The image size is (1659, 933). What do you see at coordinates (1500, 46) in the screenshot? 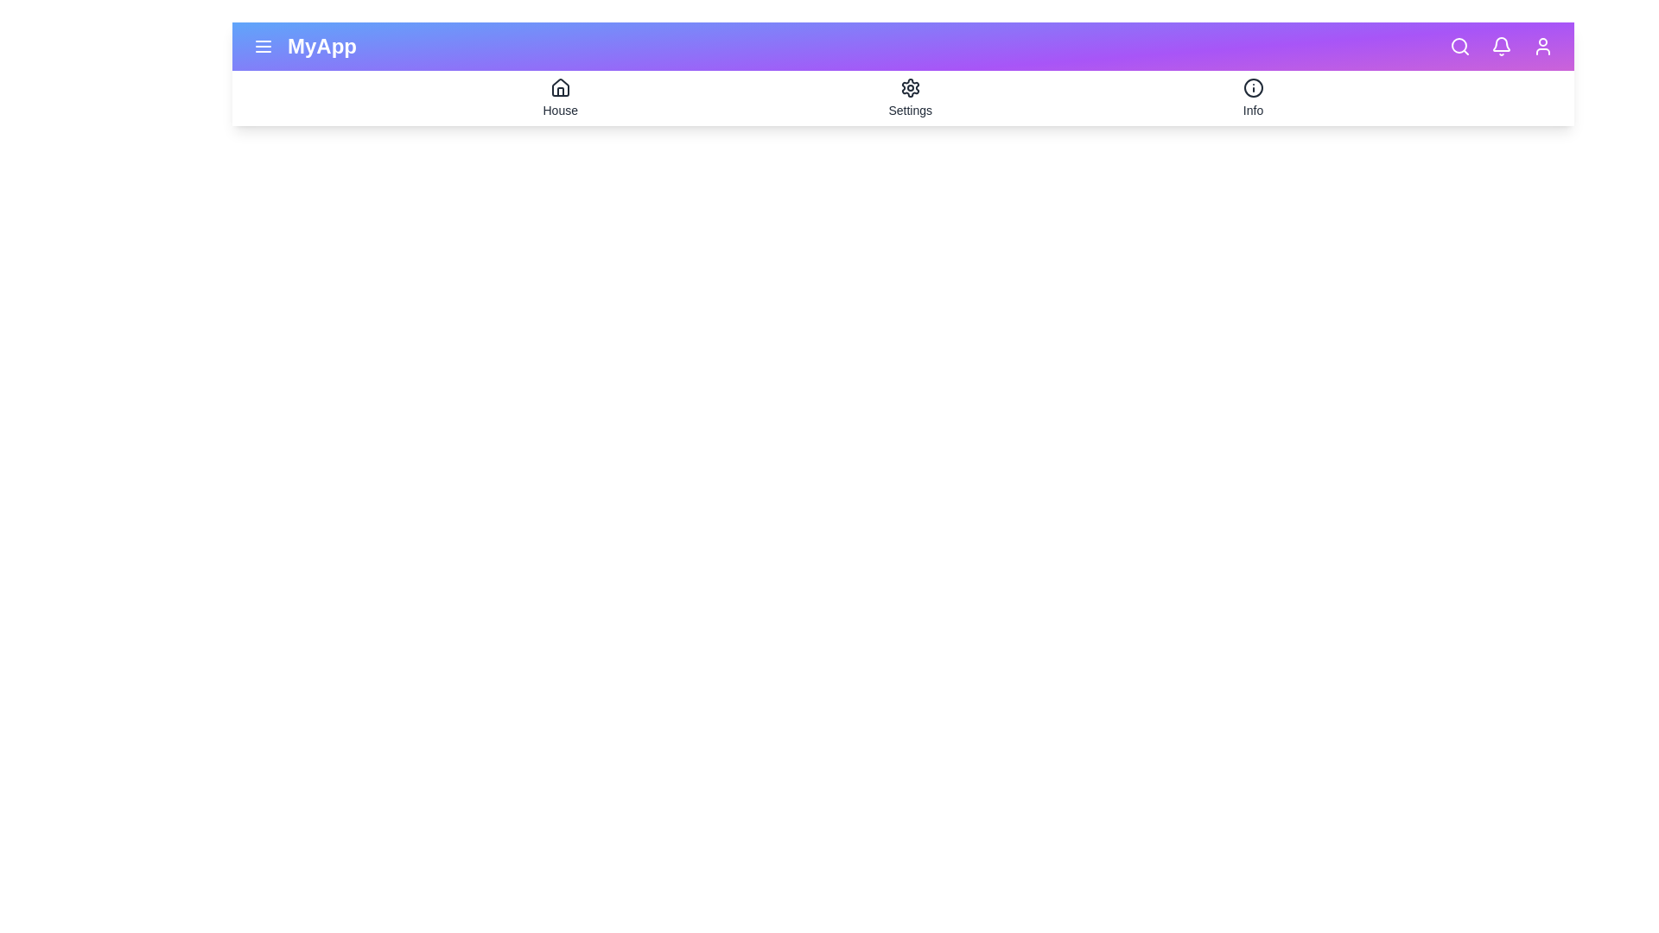
I see `the bell icon to view notifications` at bounding box center [1500, 46].